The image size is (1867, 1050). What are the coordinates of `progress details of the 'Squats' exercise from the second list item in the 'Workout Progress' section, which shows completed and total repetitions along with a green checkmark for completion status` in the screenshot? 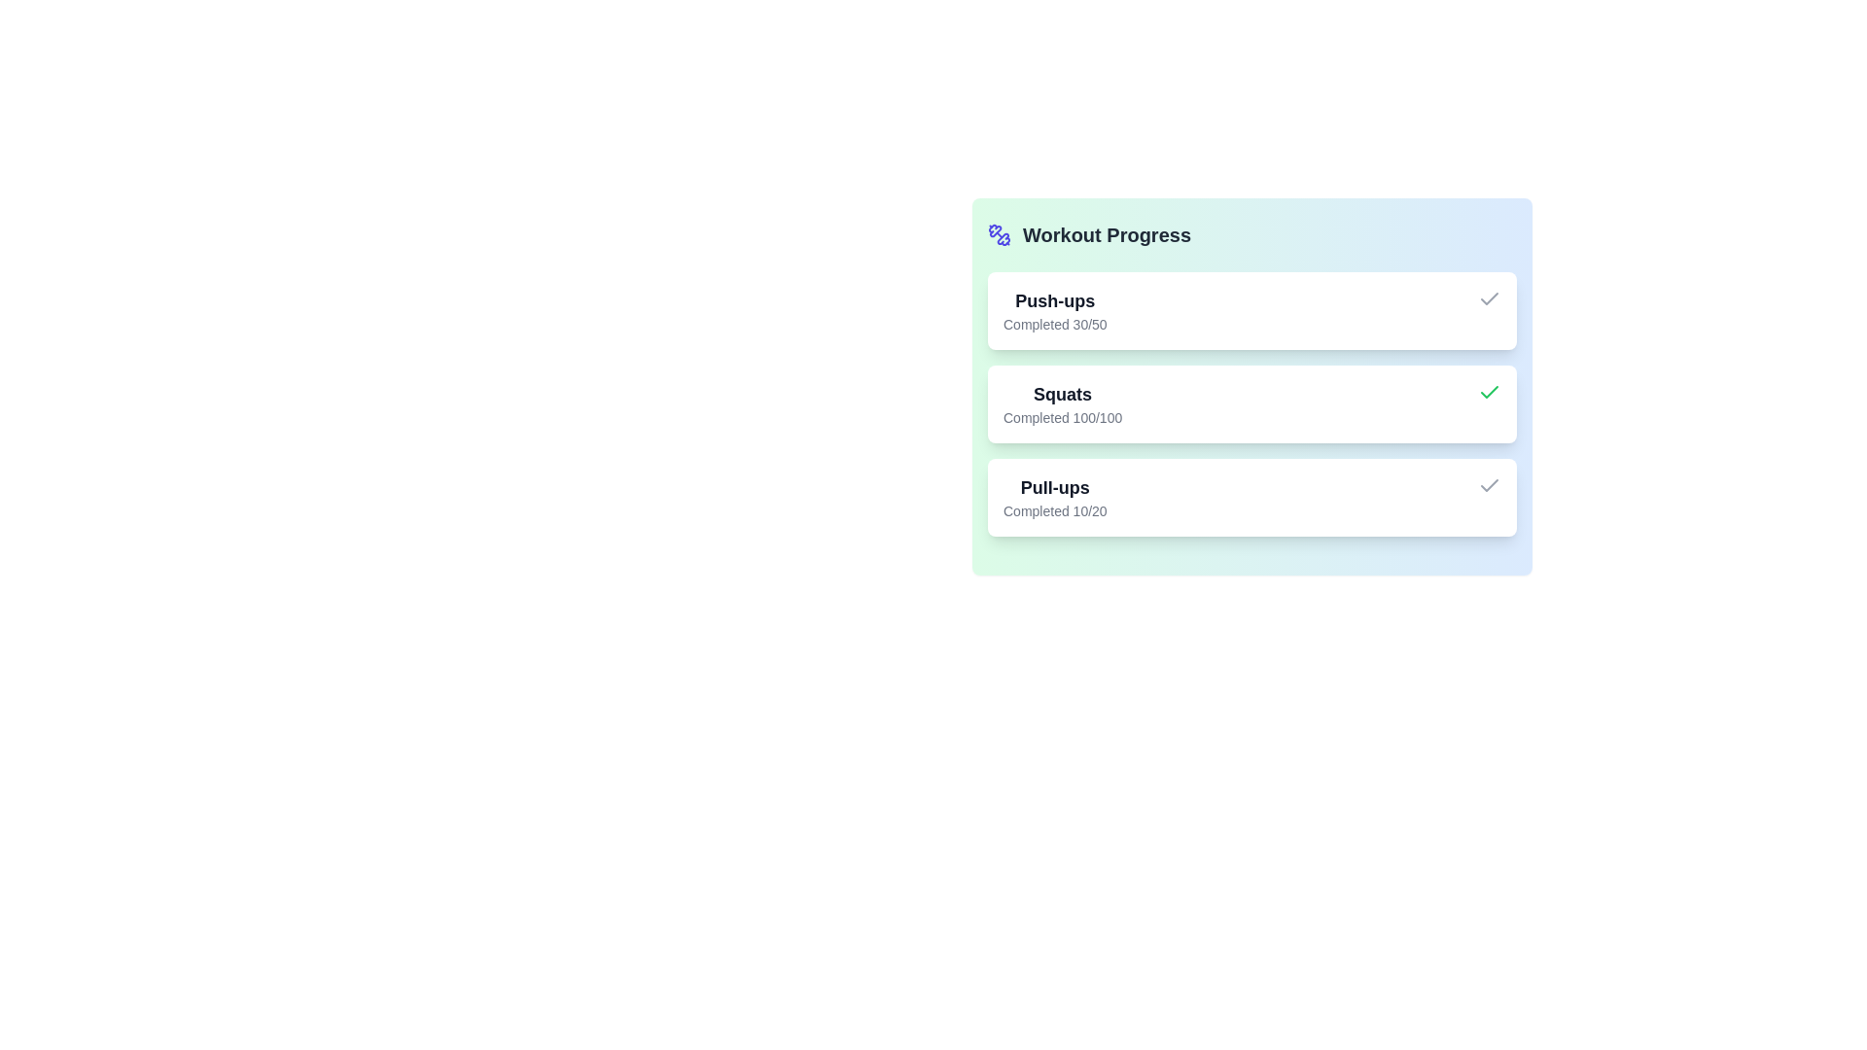 It's located at (1251, 403).